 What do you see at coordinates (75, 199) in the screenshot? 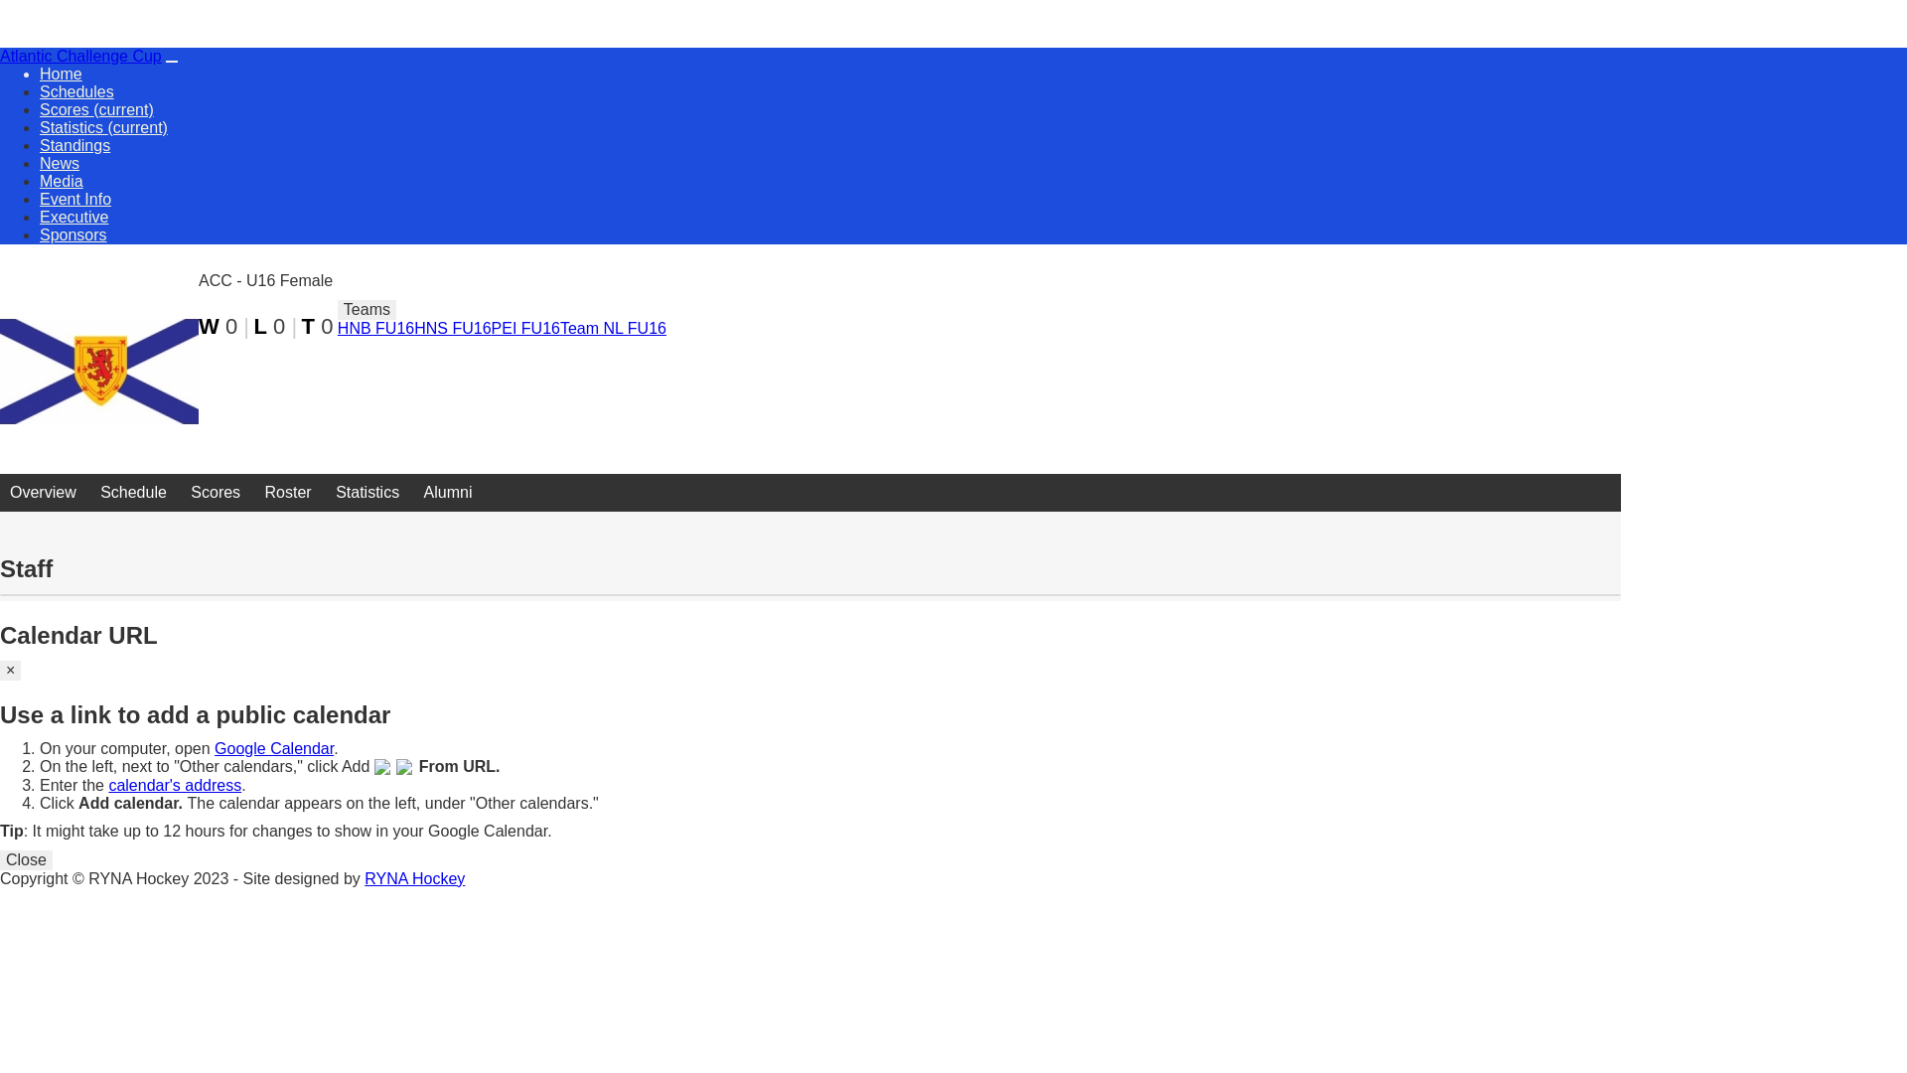
I see `'Event Info'` at bounding box center [75, 199].